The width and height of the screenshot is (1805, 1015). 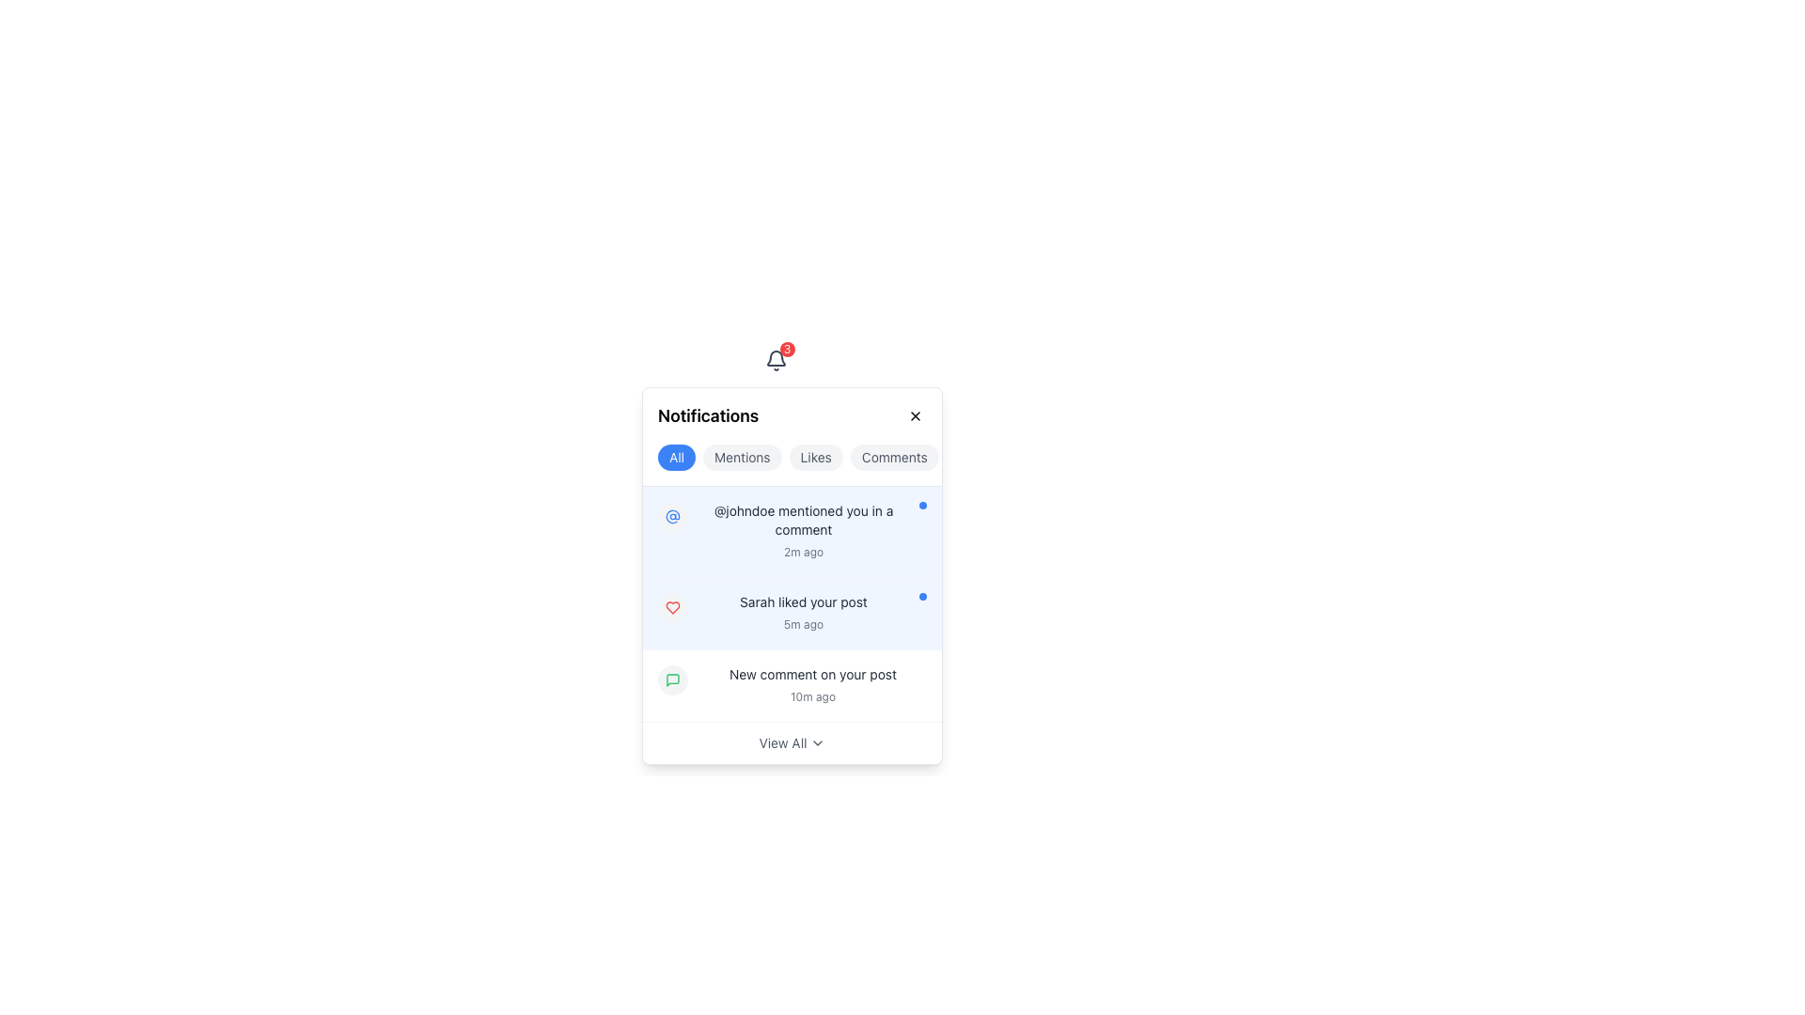 What do you see at coordinates (793, 742) in the screenshot?
I see `the 'view all notifications' button located at the bottom of the dropdown notification menu` at bounding box center [793, 742].